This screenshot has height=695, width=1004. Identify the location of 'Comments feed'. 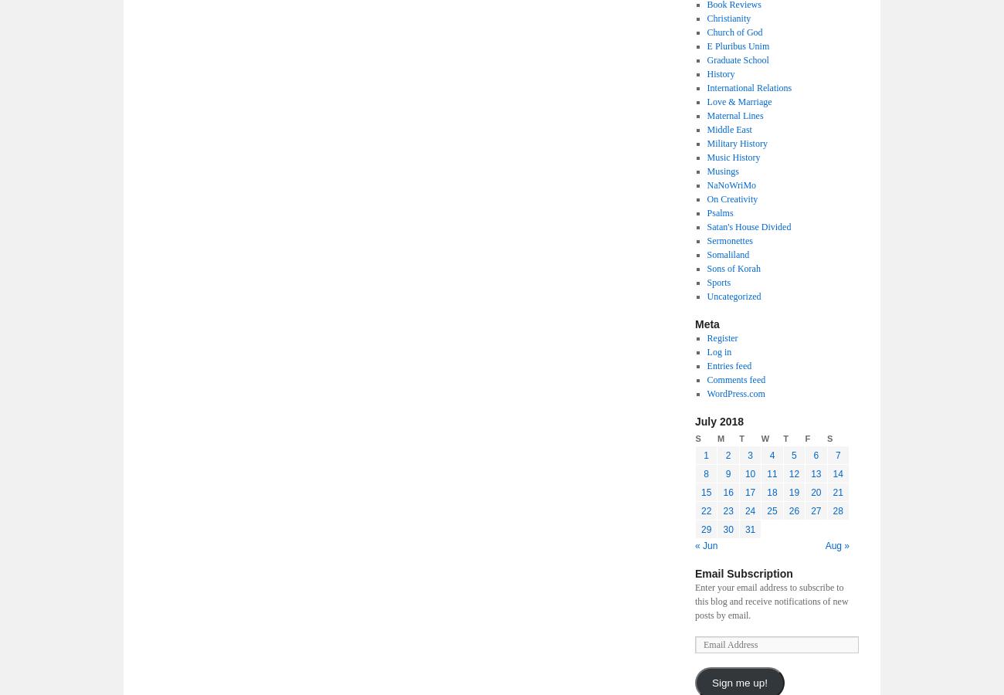
(705, 379).